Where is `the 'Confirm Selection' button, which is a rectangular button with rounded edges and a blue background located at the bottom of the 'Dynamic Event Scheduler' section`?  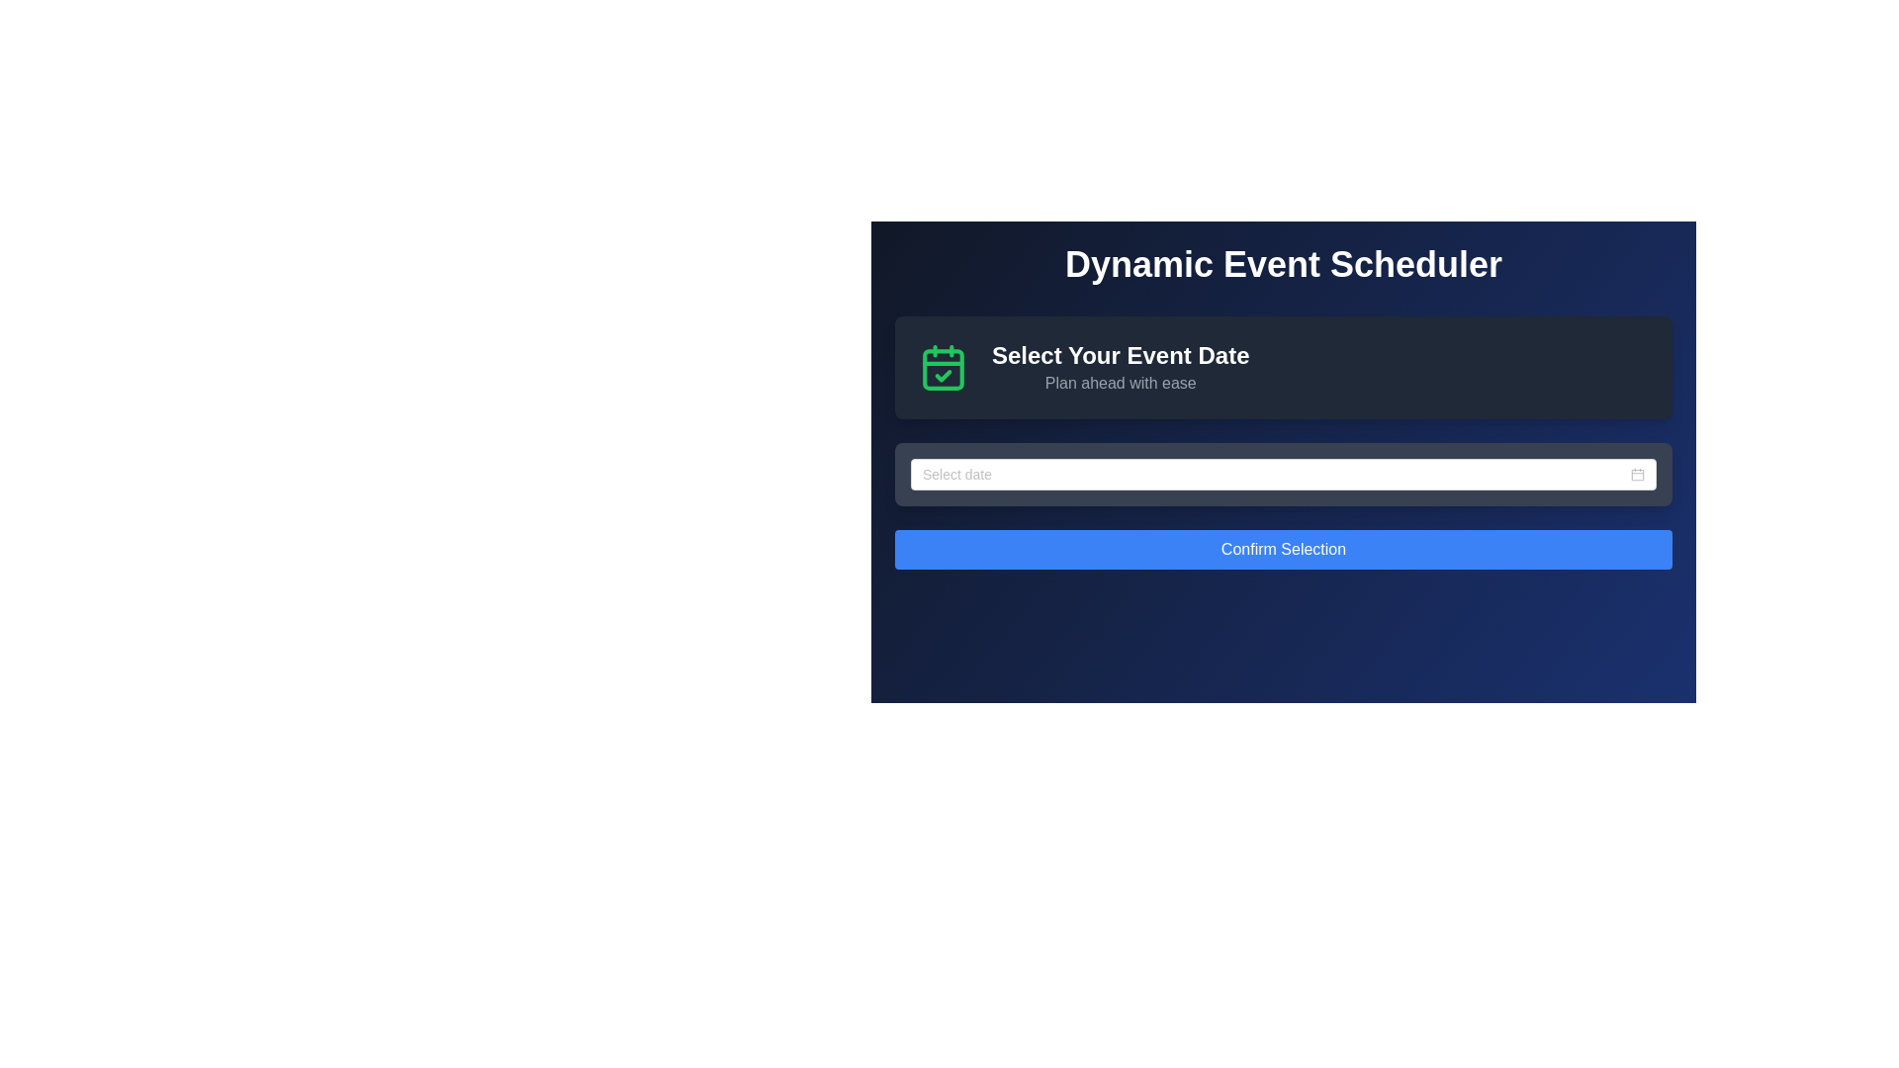 the 'Confirm Selection' button, which is a rectangular button with rounded edges and a blue background located at the bottom of the 'Dynamic Event Scheduler' section is located at coordinates (1283, 549).